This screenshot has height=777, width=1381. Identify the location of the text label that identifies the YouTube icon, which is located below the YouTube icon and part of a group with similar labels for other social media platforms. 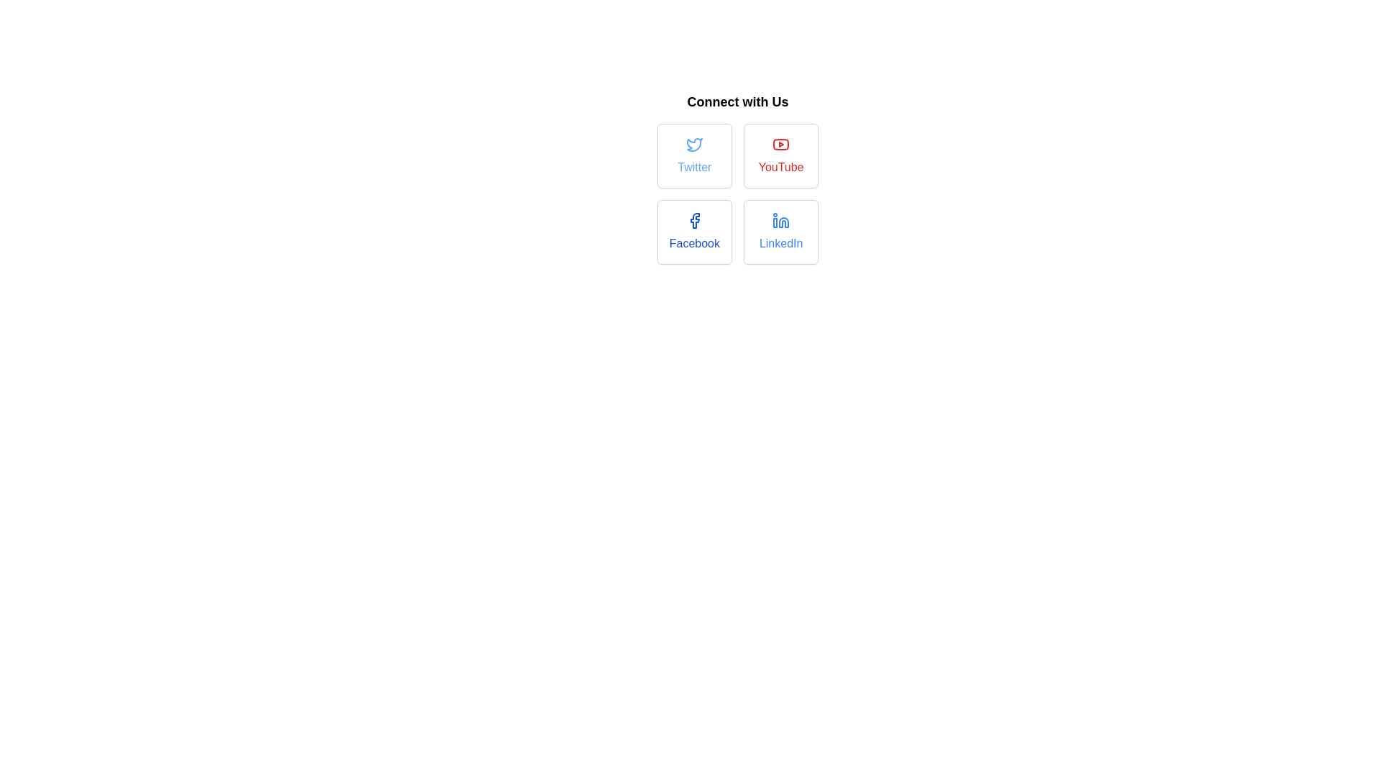
(780, 166).